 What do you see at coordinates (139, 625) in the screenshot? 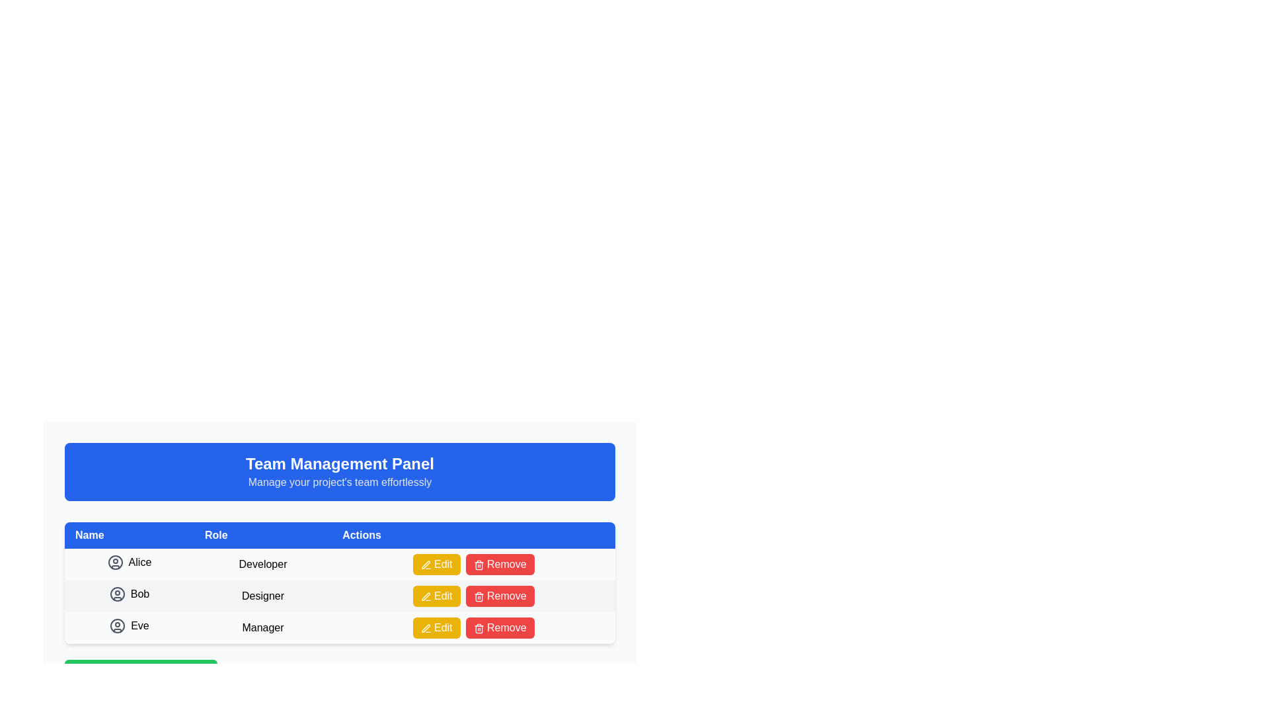
I see `the static text label 'Eve', which is the third entry in the 'Name' column of the table, to identify the team member in the list` at bounding box center [139, 625].